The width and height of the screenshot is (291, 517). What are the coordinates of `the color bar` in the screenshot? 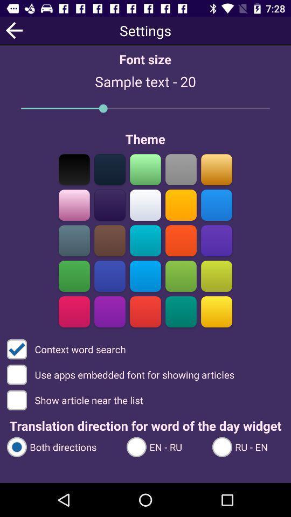 It's located at (109, 205).